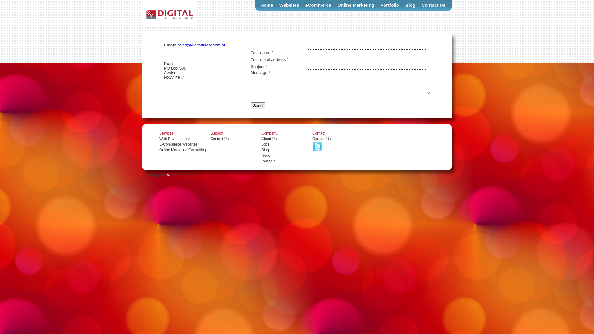  What do you see at coordinates (178, 144) in the screenshot?
I see `'E-Commerce Websites'` at bounding box center [178, 144].